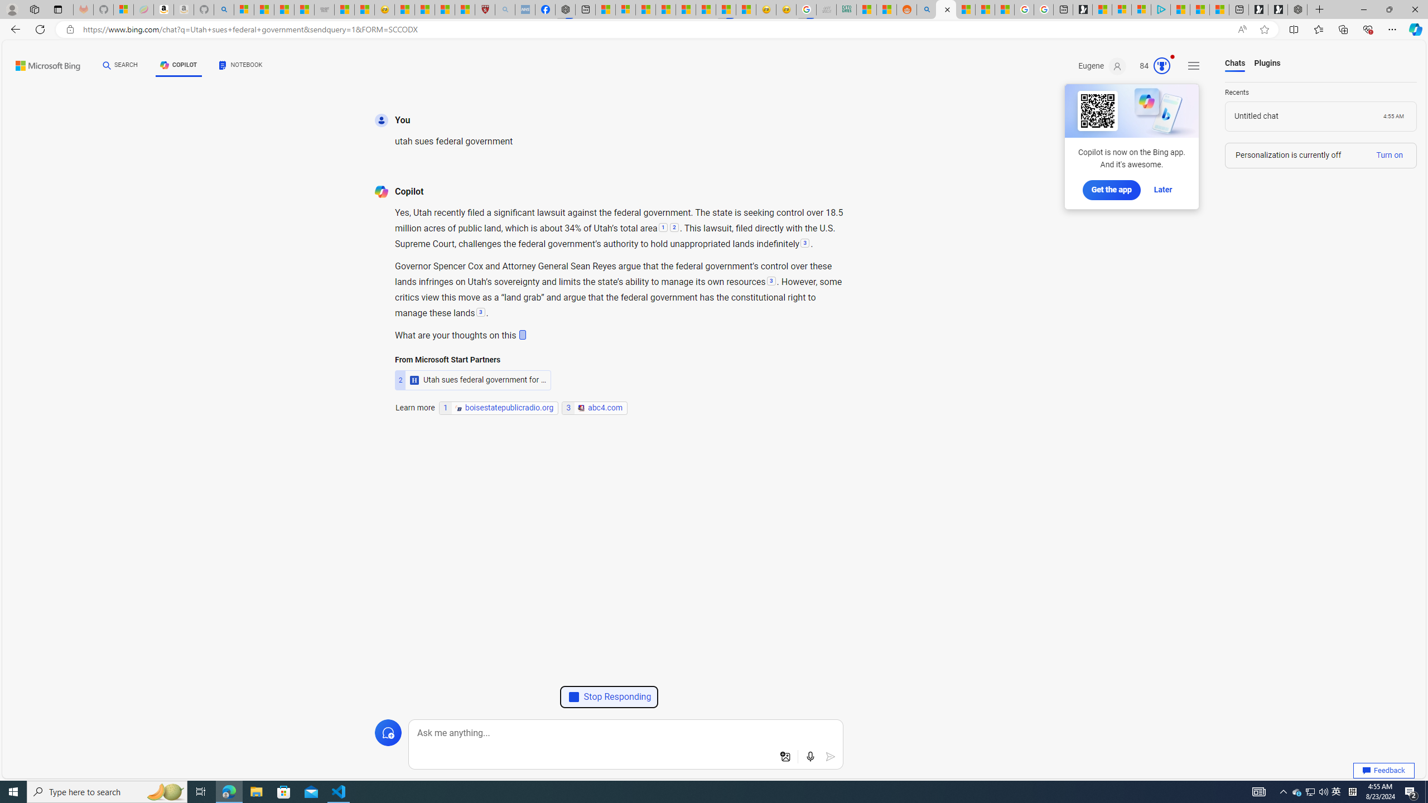 The height and width of the screenshot is (803, 1428). I want to click on '1: ', so click(662, 228).